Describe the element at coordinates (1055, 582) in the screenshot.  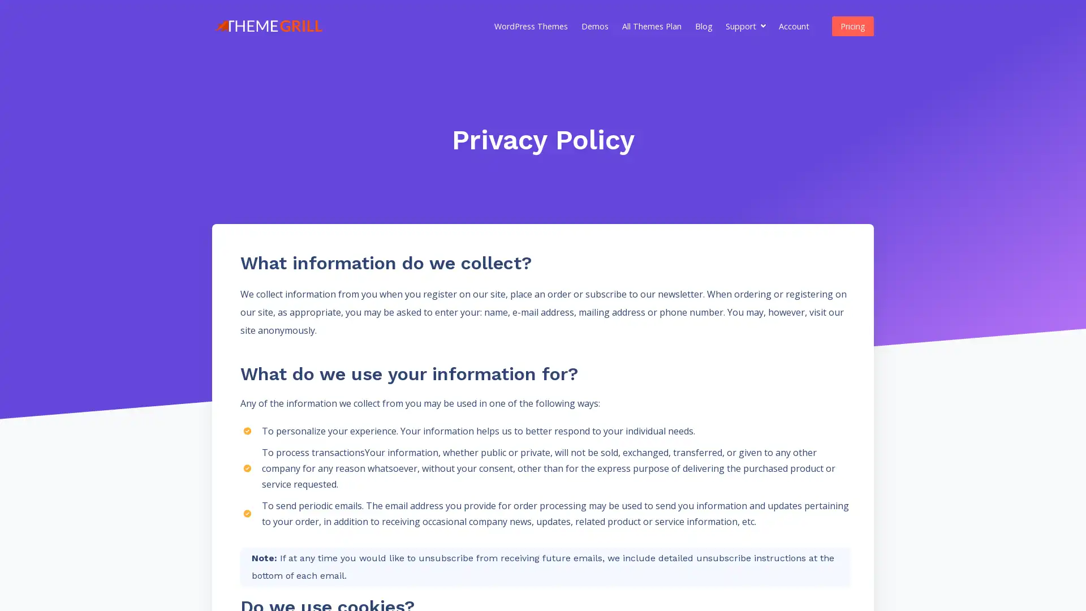
I see `Questions? Chat with us! Support is online. Chat with ThemeGrill Team` at that location.